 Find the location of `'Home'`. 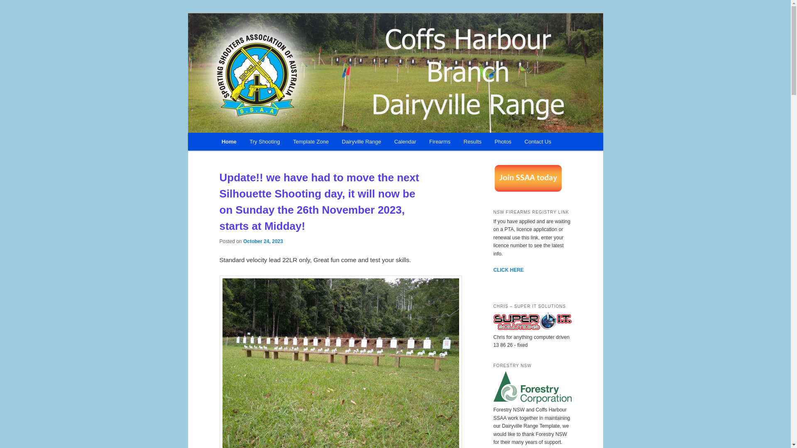

'Home' is located at coordinates (215, 141).